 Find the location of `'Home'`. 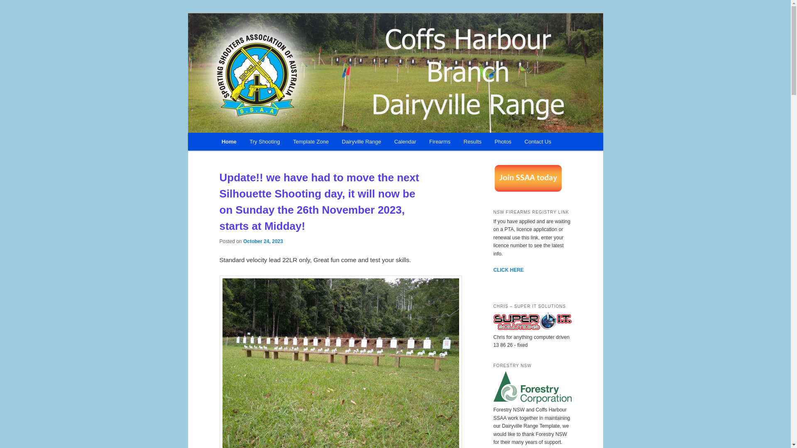

'Home' is located at coordinates (215, 141).